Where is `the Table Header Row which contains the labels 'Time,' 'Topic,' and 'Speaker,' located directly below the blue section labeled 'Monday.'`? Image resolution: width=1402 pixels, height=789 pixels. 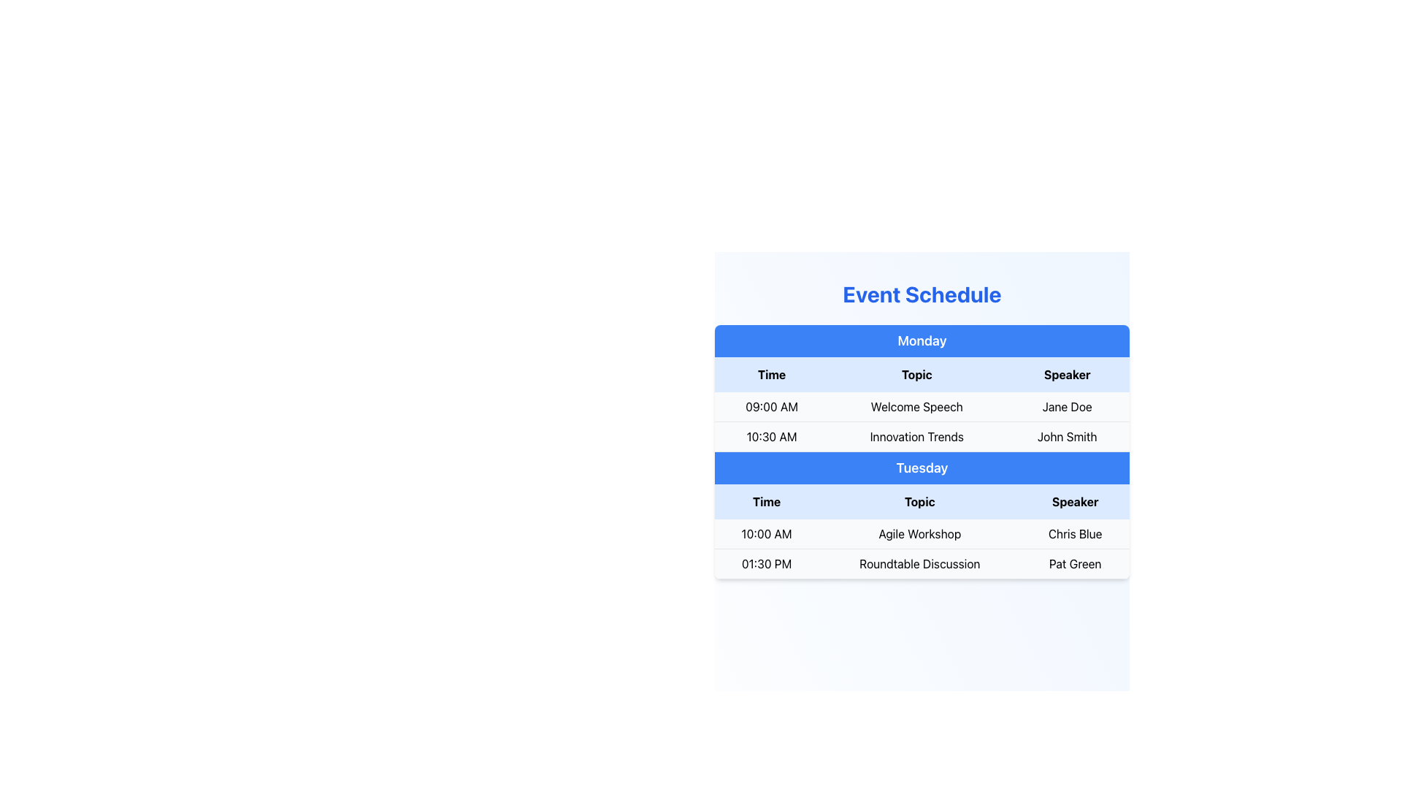
the Table Header Row which contains the labels 'Time,' 'Topic,' and 'Speaker,' located directly below the blue section labeled 'Monday.' is located at coordinates (921, 374).